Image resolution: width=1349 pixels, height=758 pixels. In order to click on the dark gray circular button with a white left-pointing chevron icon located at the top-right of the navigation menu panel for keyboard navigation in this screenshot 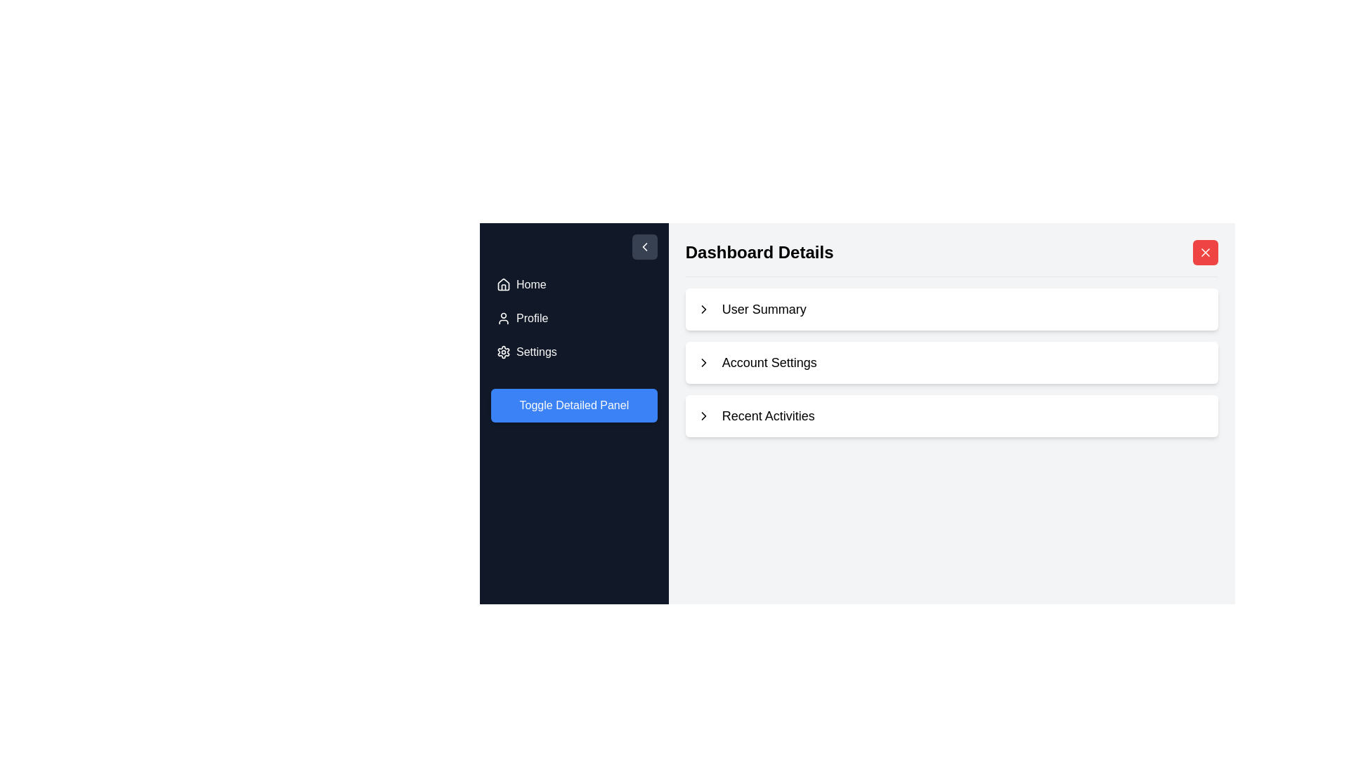, I will do `click(644, 246)`.